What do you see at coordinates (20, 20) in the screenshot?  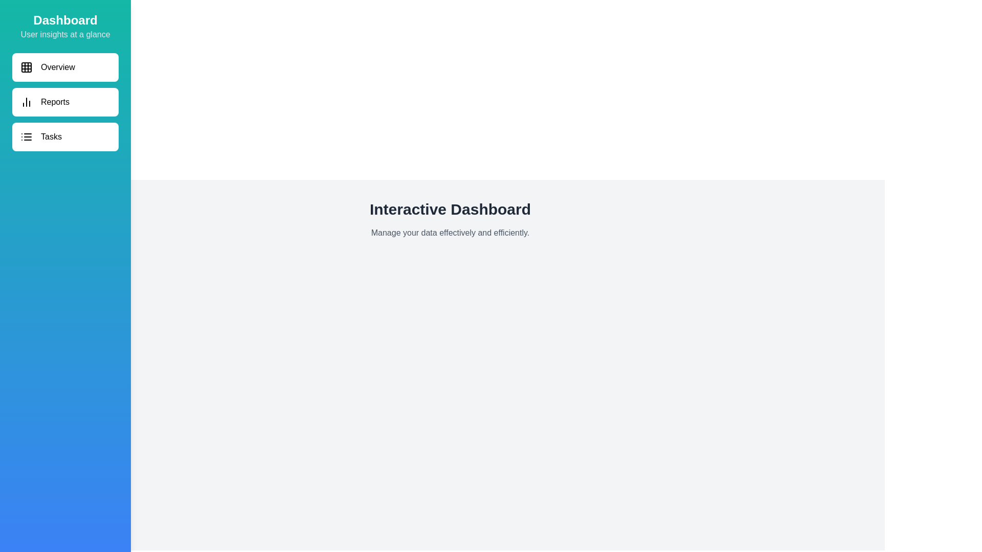 I see `the toggle button located at the top-left corner to toggle the drawer visibility` at bounding box center [20, 20].